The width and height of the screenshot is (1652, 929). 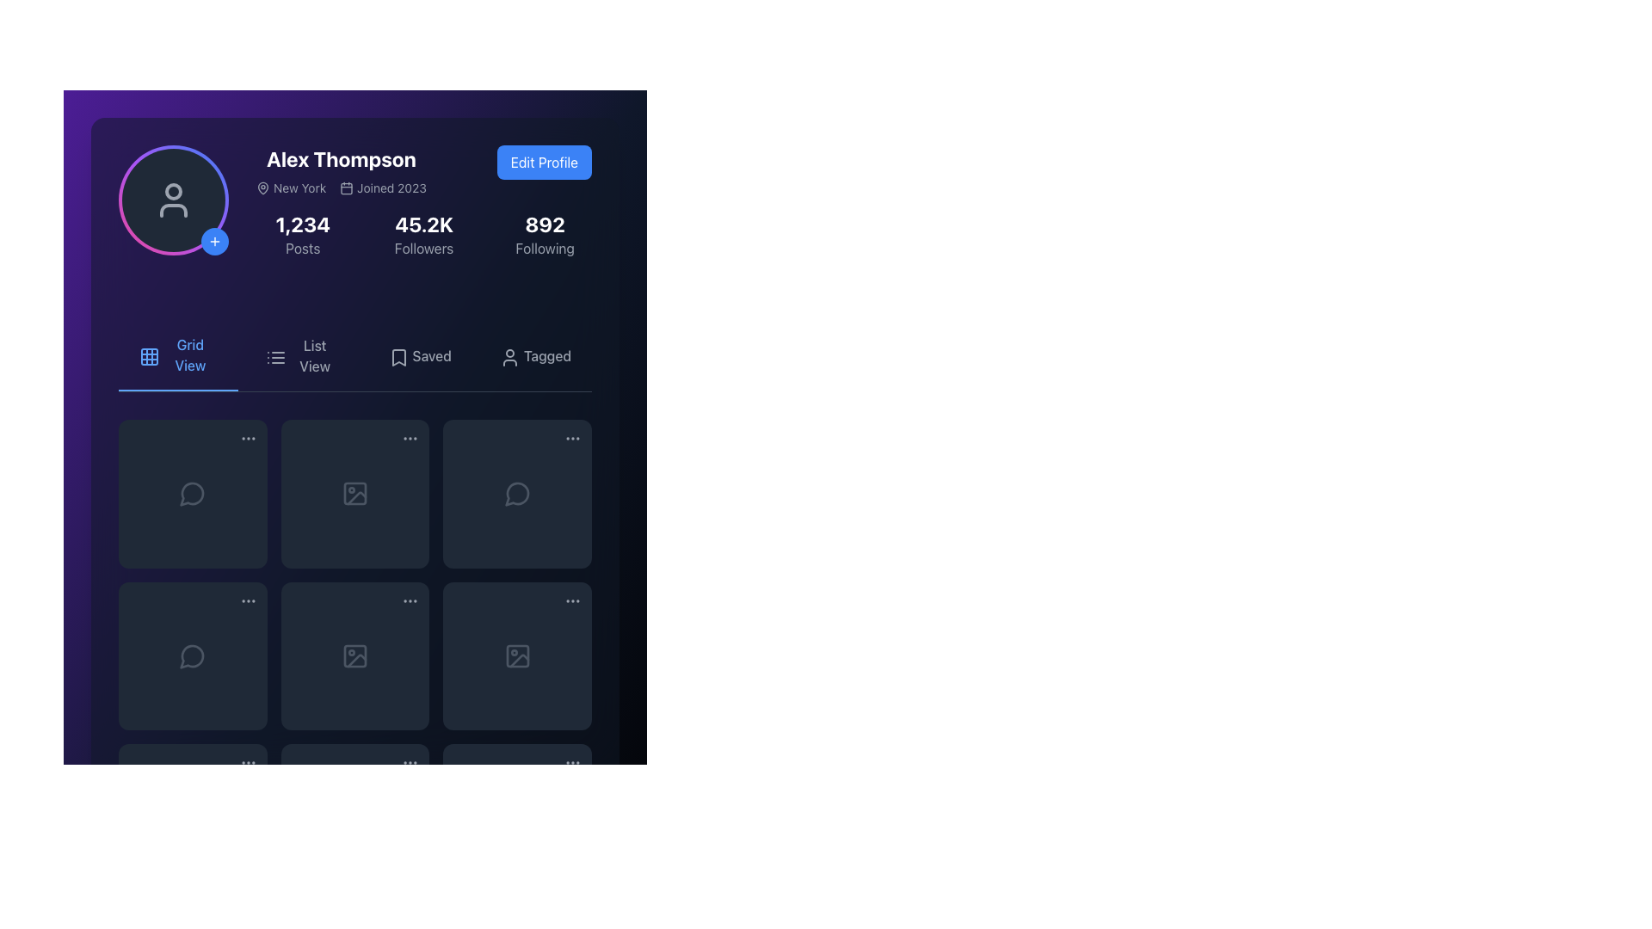 I want to click on the icon resembling an image frame with a circular detail inside and a diagonal line across, styled in gray tones, located in the second row and third column of the grid layout to view additional details, so click(x=516, y=656).